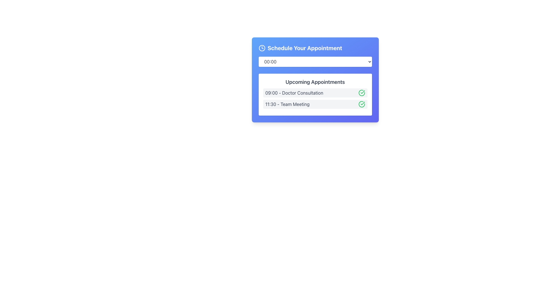  Describe the element at coordinates (315, 94) in the screenshot. I see `the rectangular card displaying scheduled activities with a white background, containing text for '09:00 - Doctor Consultation' and '11:30 - Team Meeting', located in the bottom section of the blue card titled 'Schedule Your Appointment'` at that location.